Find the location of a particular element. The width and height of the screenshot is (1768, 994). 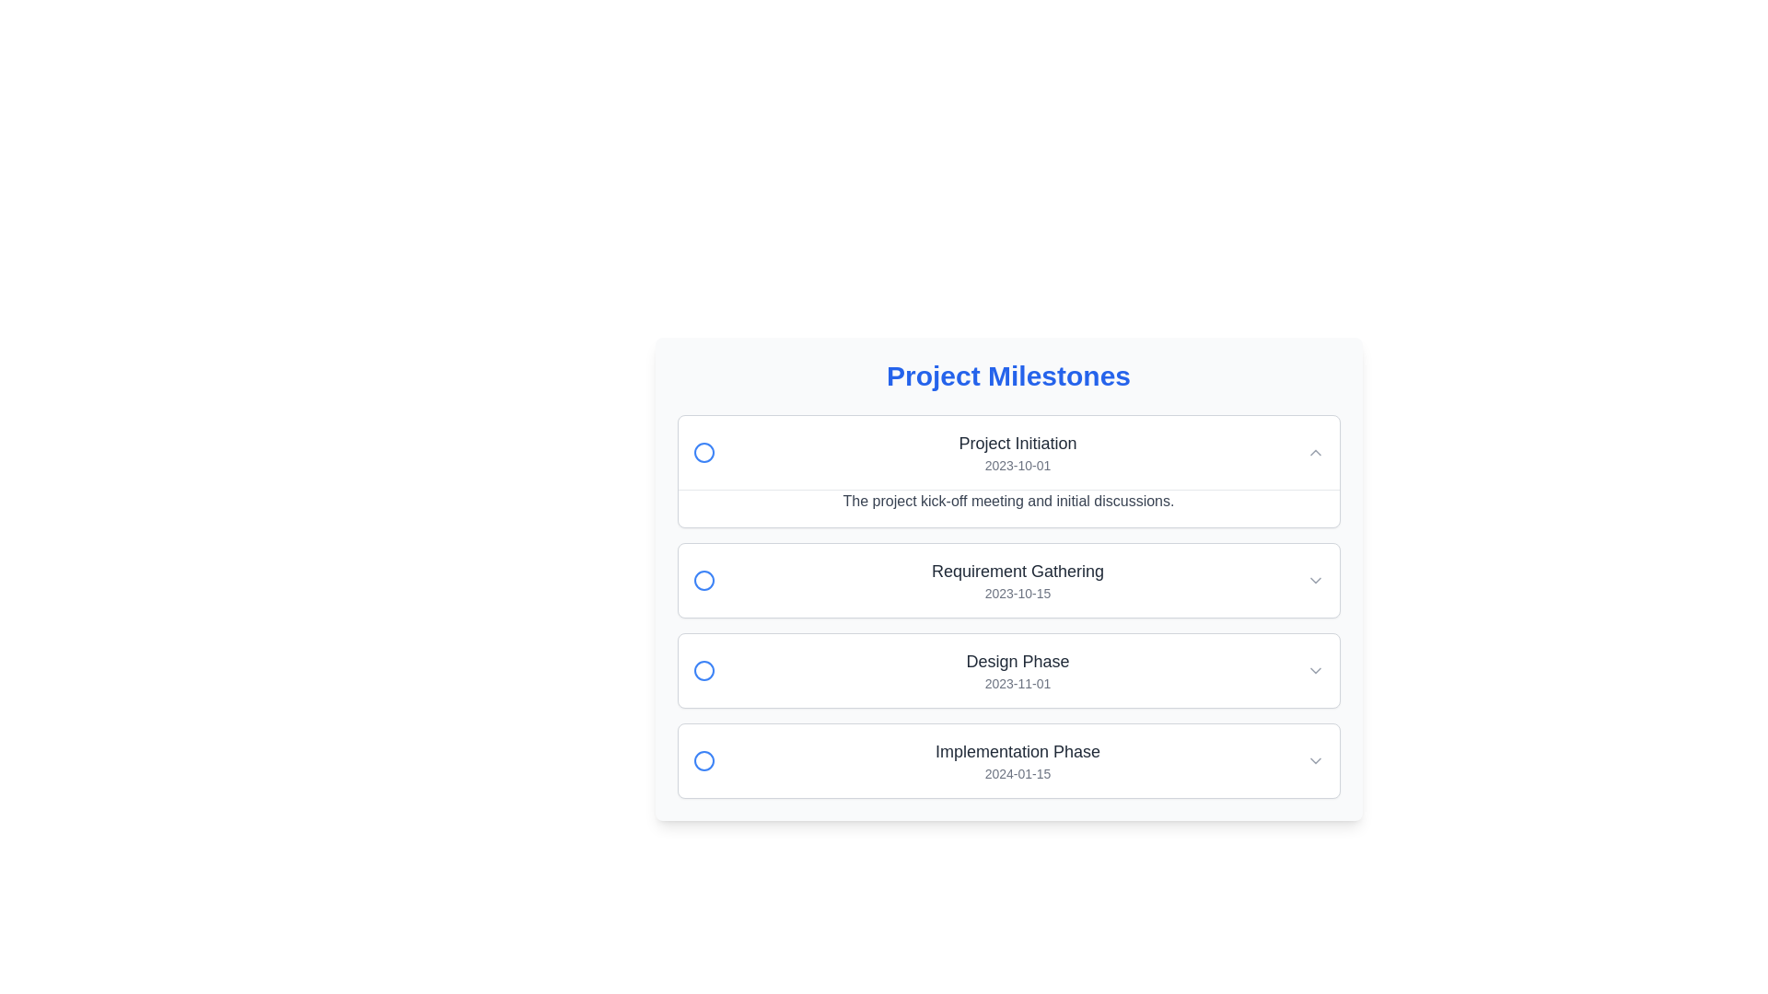

the text label displaying the date '2023-10-15', which is styled in gray and positioned below the title 'Requirement Gathering' is located at coordinates (1017, 593).